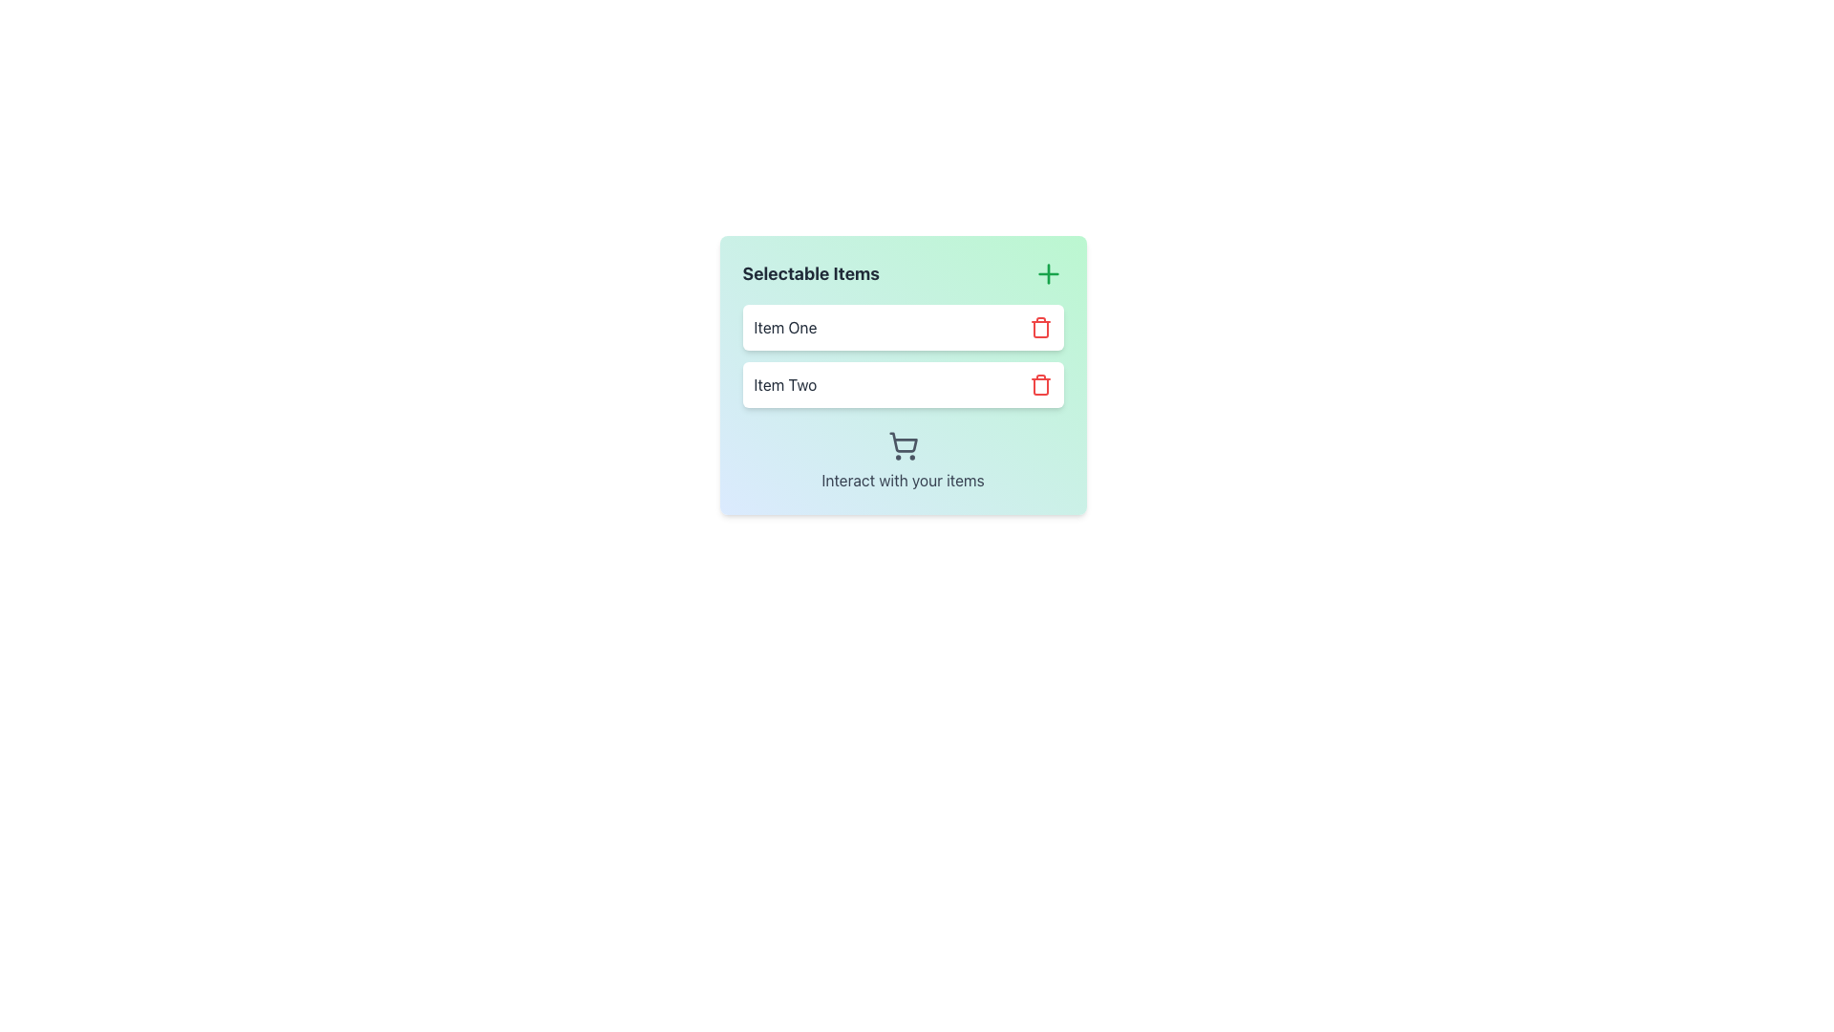 This screenshot has height=1032, width=1834. Describe the element at coordinates (902, 461) in the screenshot. I see `the text 'Interact with your items' located at the bottom of the card layout` at that location.